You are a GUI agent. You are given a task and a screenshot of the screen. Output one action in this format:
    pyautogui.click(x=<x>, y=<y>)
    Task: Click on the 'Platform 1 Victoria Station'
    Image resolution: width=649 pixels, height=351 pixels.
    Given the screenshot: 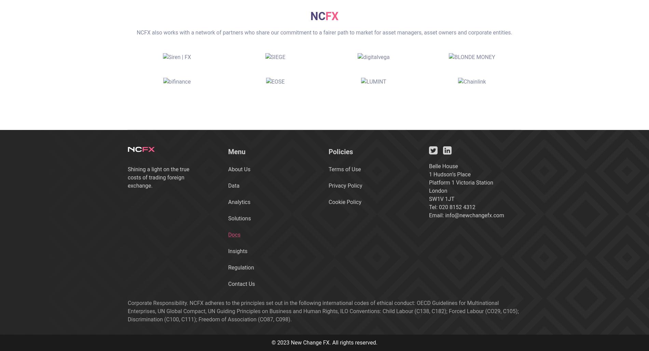 What is the action you would take?
    pyautogui.click(x=460, y=182)
    